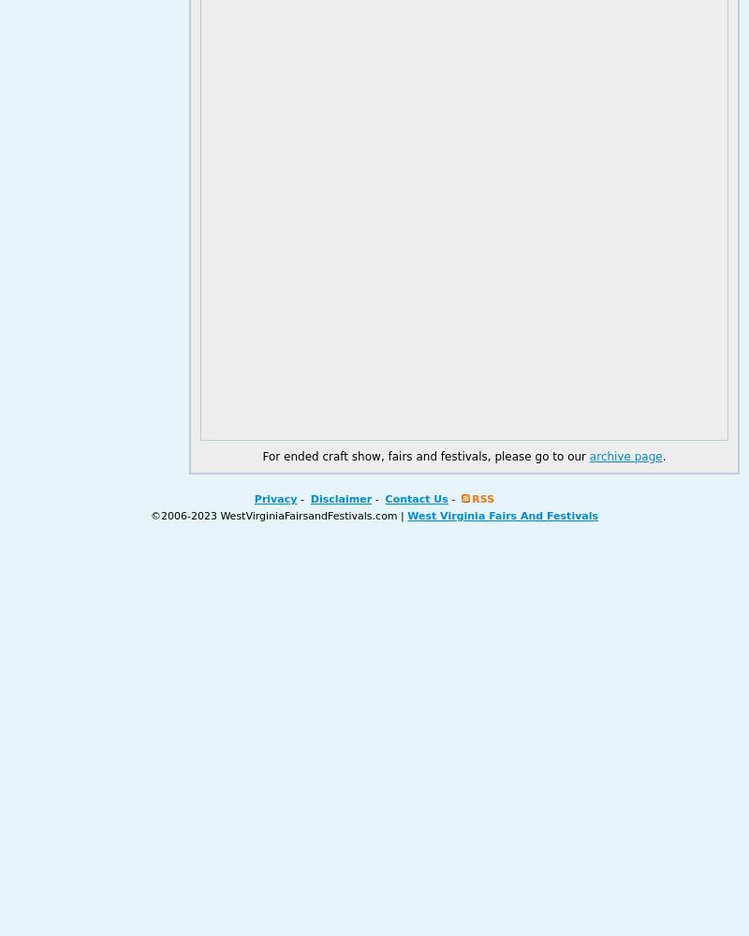 This screenshot has width=749, height=936. I want to click on 'archive page', so click(625, 456).